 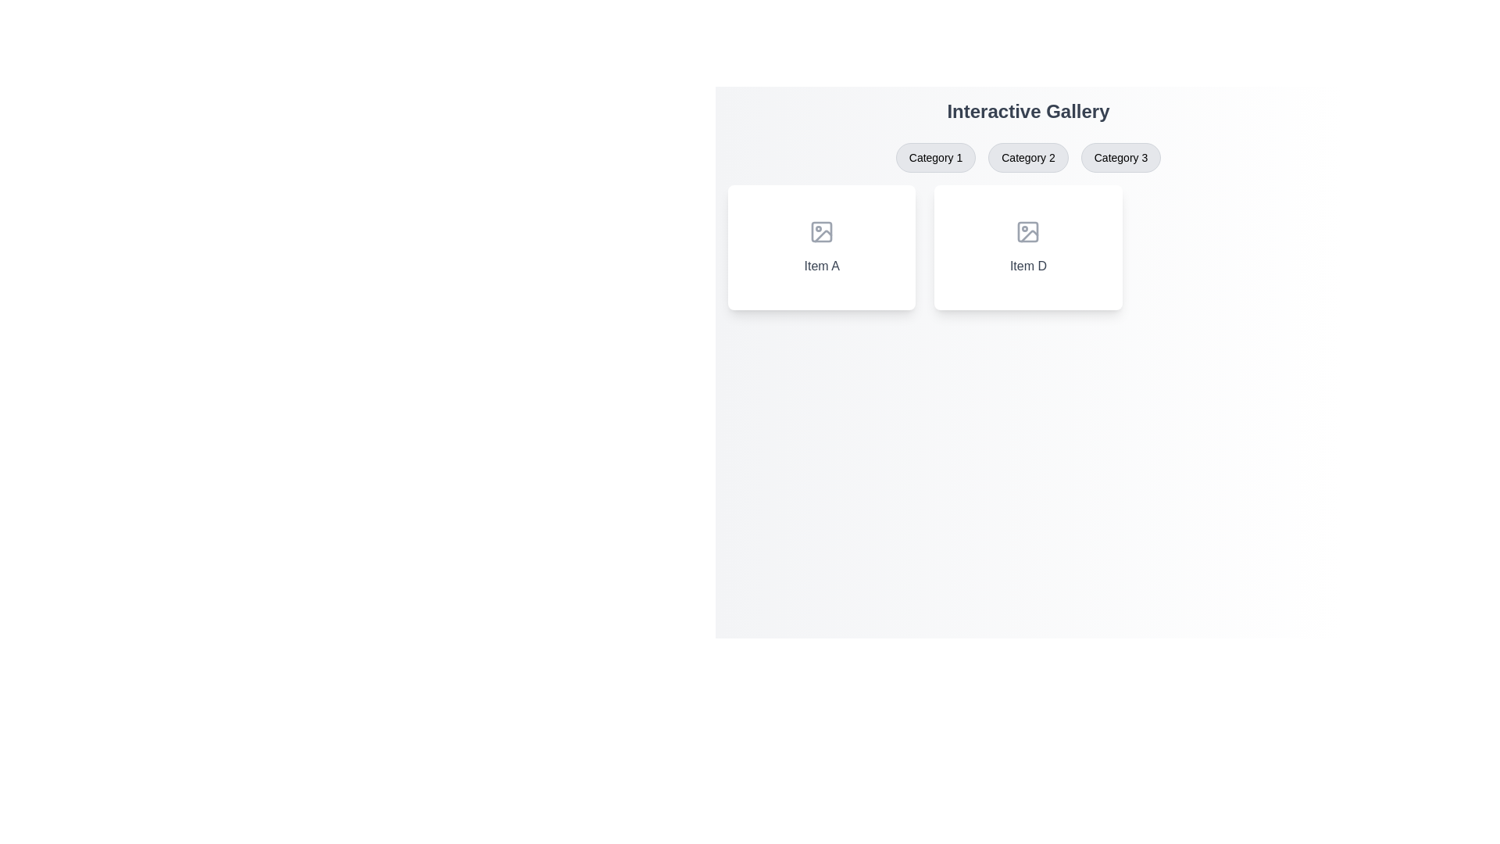 I want to click on the clickable button labeled 'Category 3' with rounded corners and a light gray background, so click(x=1120, y=157).